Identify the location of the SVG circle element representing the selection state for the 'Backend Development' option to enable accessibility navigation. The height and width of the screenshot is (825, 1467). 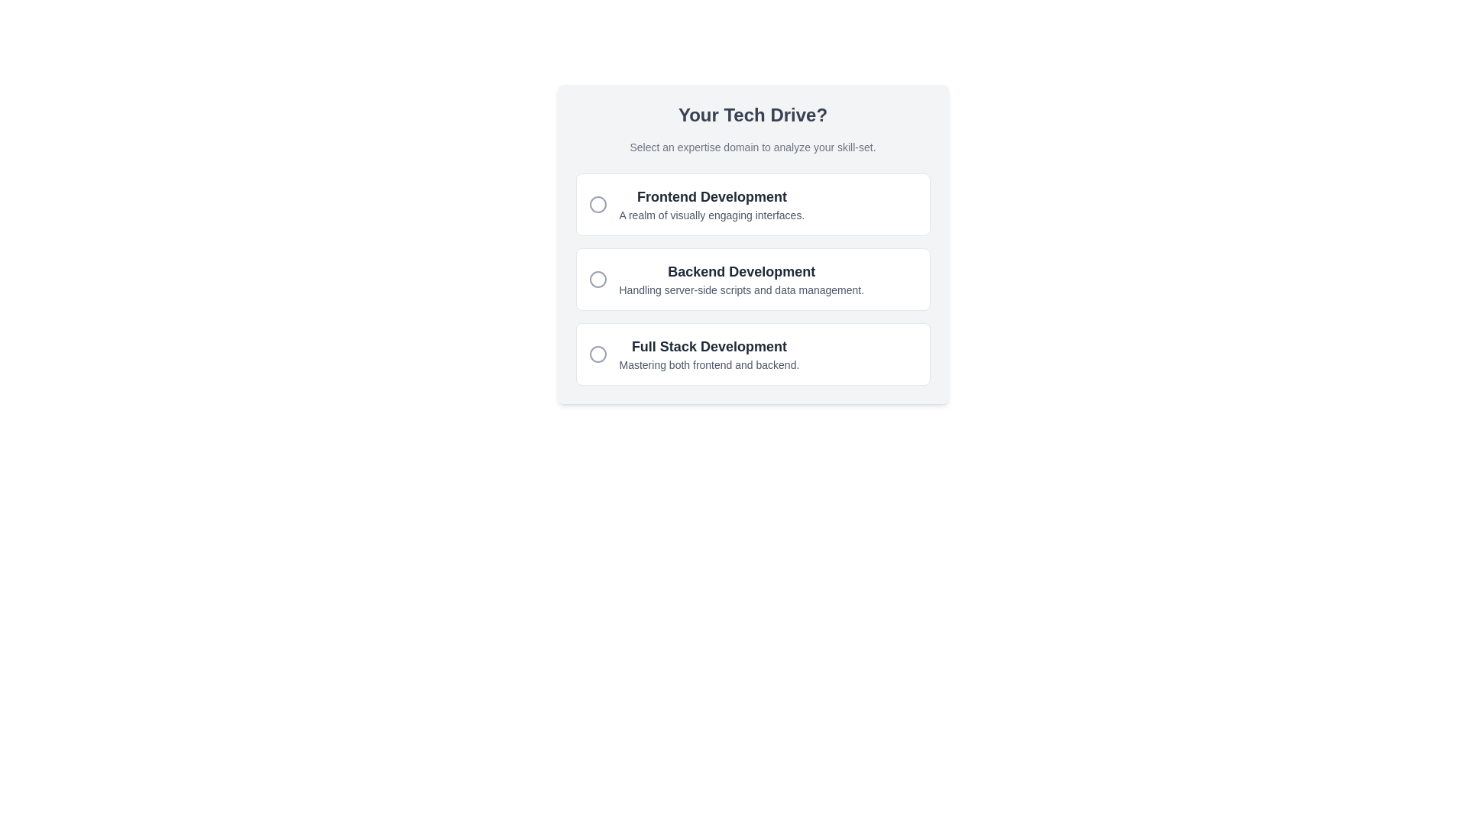
(597, 280).